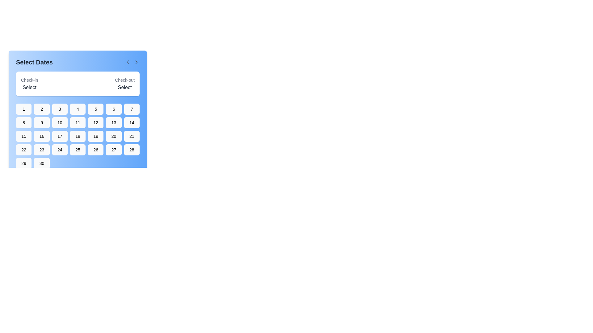  What do you see at coordinates (24, 109) in the screenshot?
I see `the button labeled '1' with a light gray background and rounded borders` at bounding box center [24, 109].